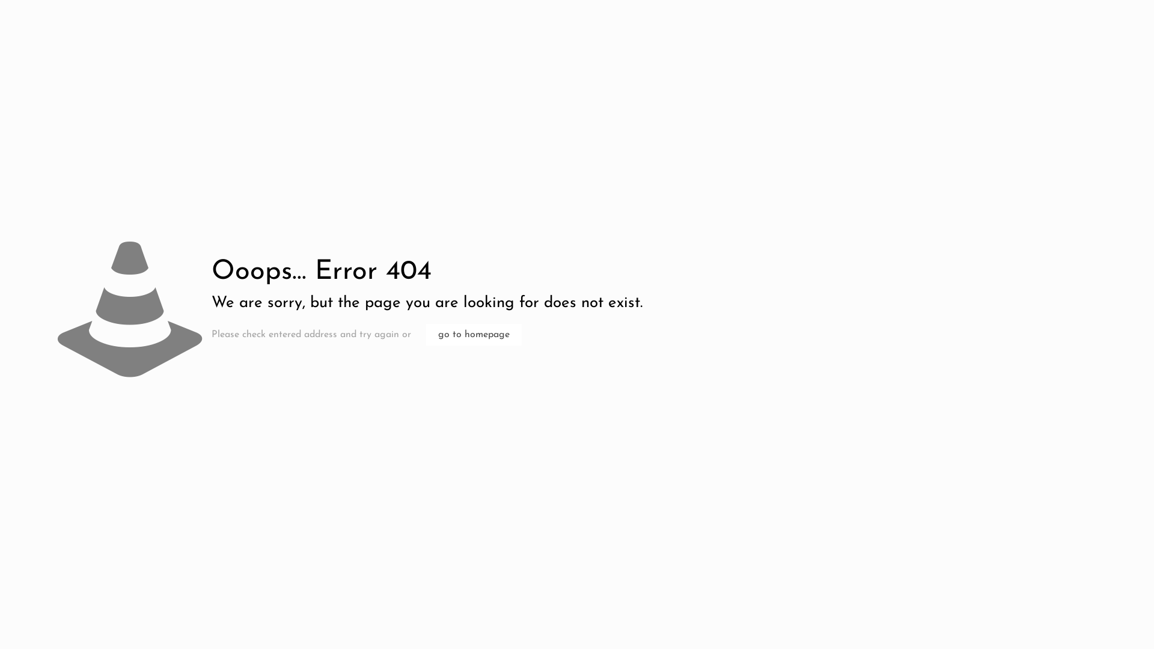 Image resolution: width=1154 pixels, height=649 pixels. I want to click on 'go to homepage', so click(473, 334).